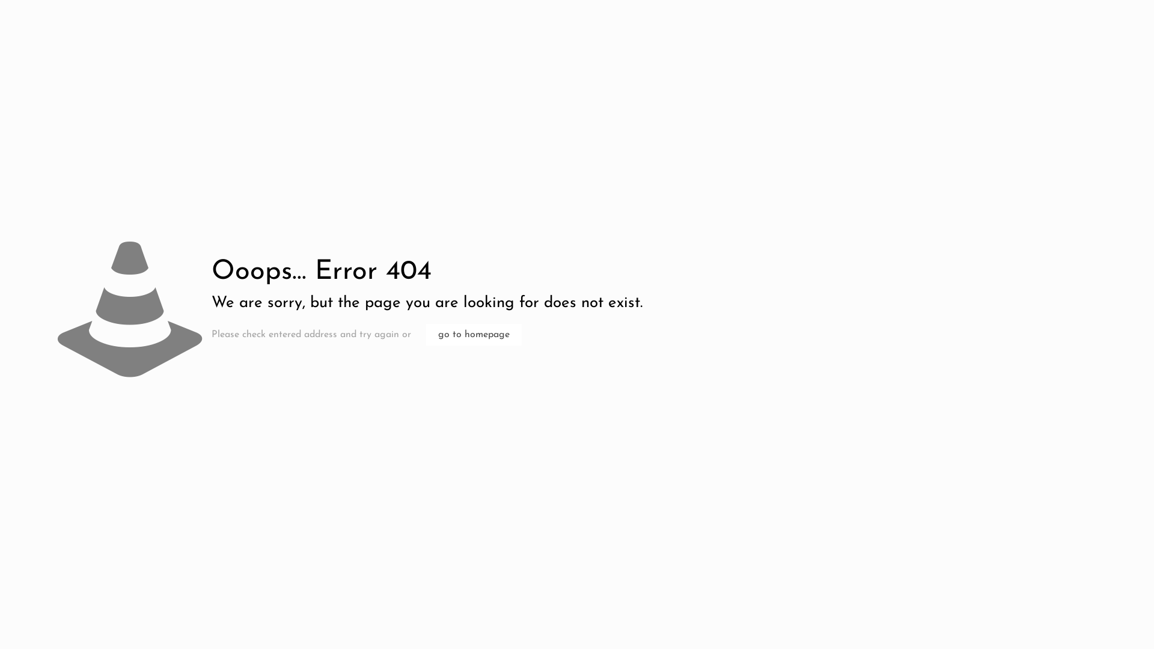 Image resolution: width=1154 pixels, height=649 pixels. I want to click on 'go to homepage', so click(473, 334).